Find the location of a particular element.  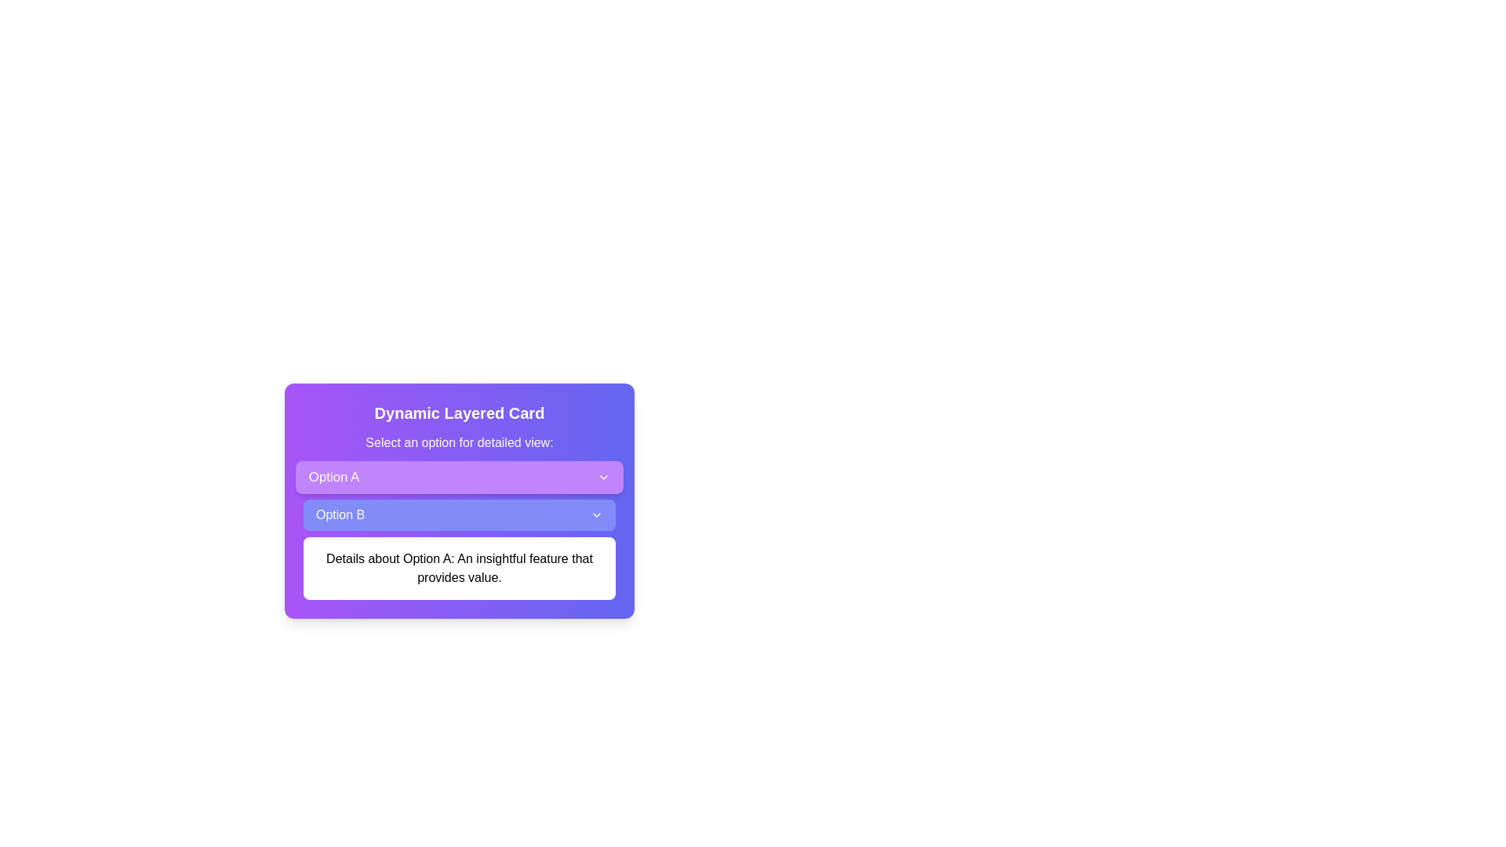

the text label that serves as the title of the card, which is positioned at the top of the card above all other elements is located at coordinates (458, 413).